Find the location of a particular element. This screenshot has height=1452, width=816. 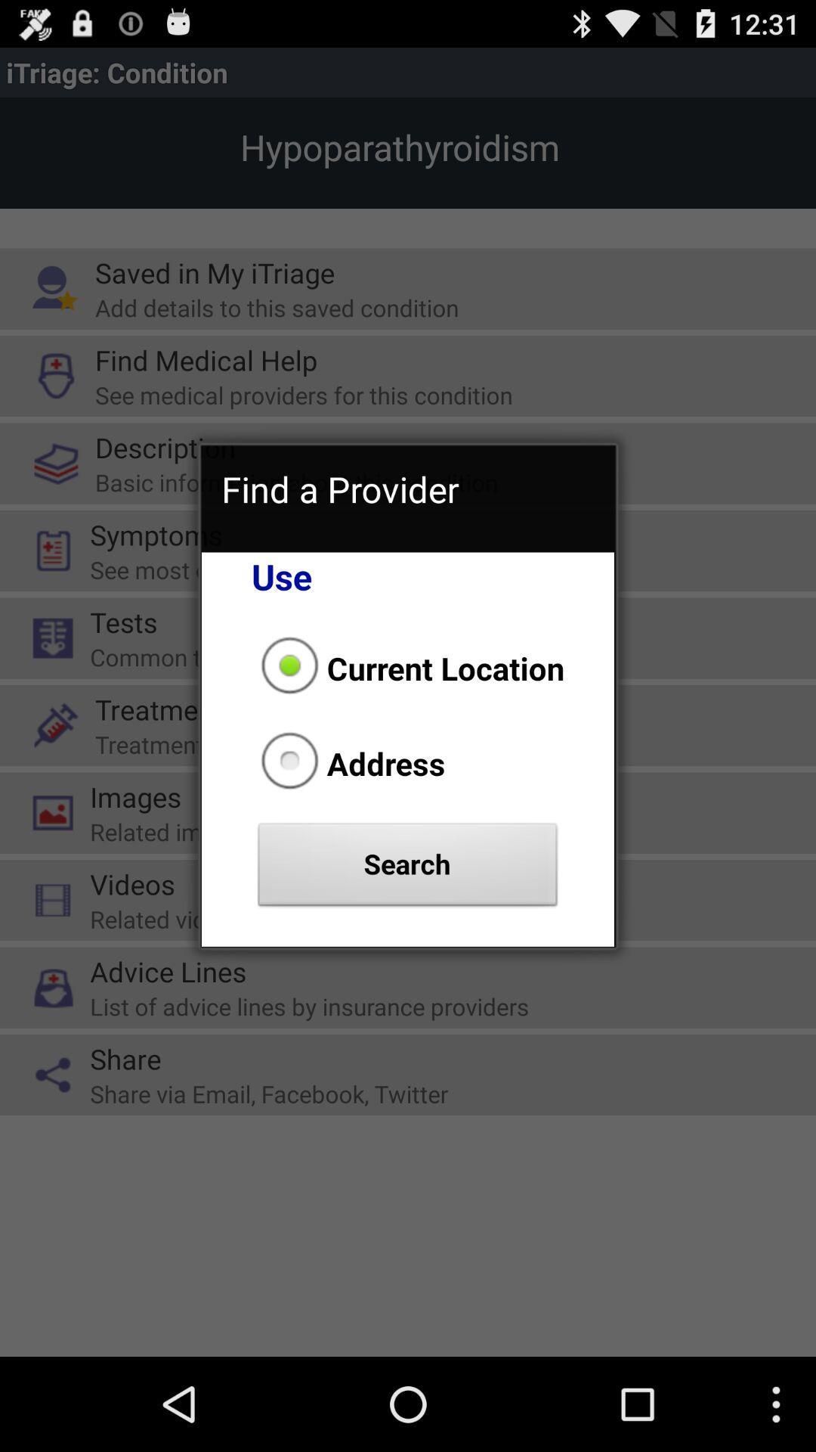

current location item is located at coordinates (408, 667).